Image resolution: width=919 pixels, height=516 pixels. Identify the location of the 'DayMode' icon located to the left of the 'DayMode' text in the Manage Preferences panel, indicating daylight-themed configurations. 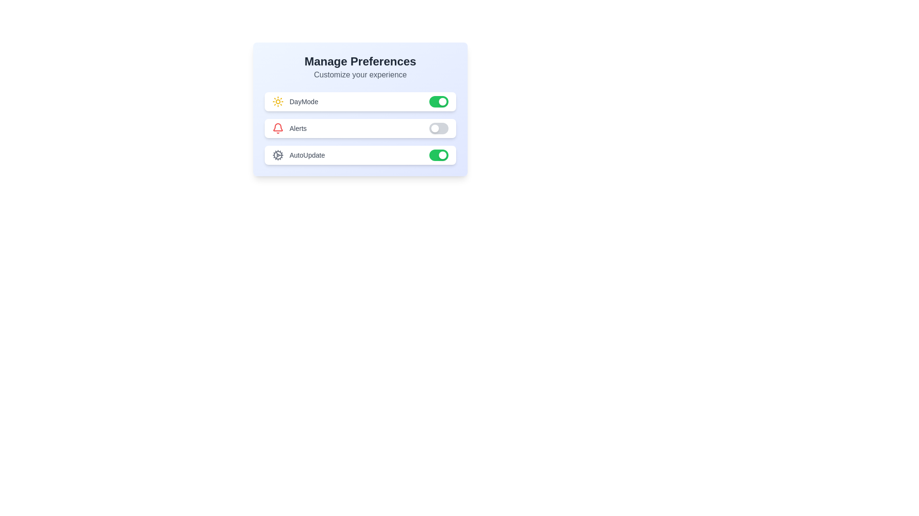
(277, 101).